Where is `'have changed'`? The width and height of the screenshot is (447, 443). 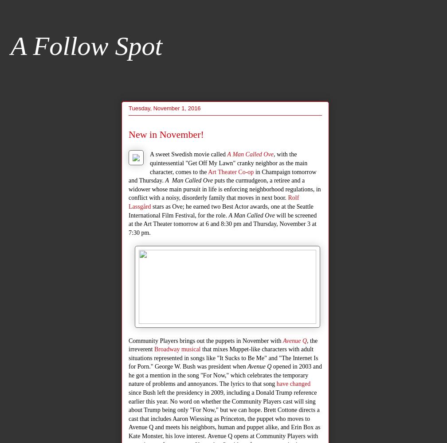
'have changed' is located at coordinates (293, 383).